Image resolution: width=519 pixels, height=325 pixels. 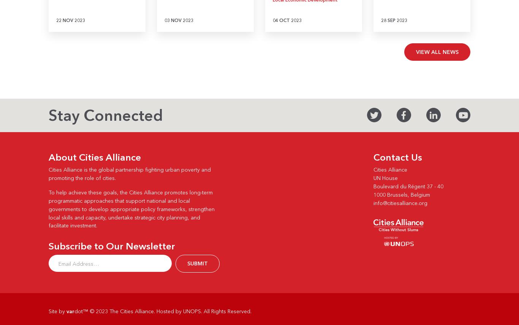 I want to click on '. All Rights Reserved.', so click(x=226, y=311).